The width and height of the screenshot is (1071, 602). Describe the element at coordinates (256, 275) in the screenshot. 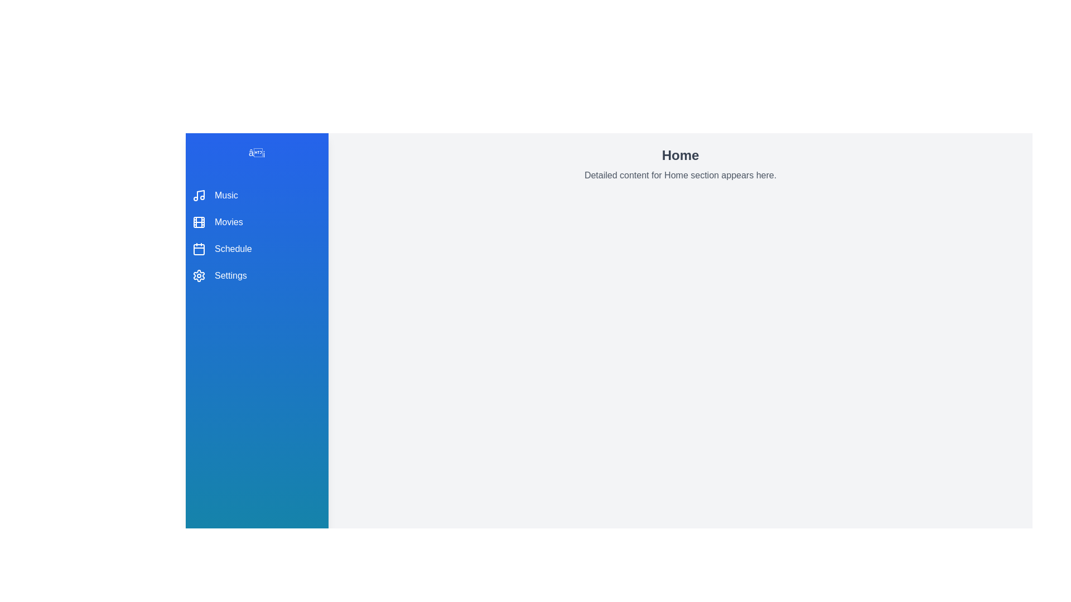

I see `the menu item Settings` at that location.